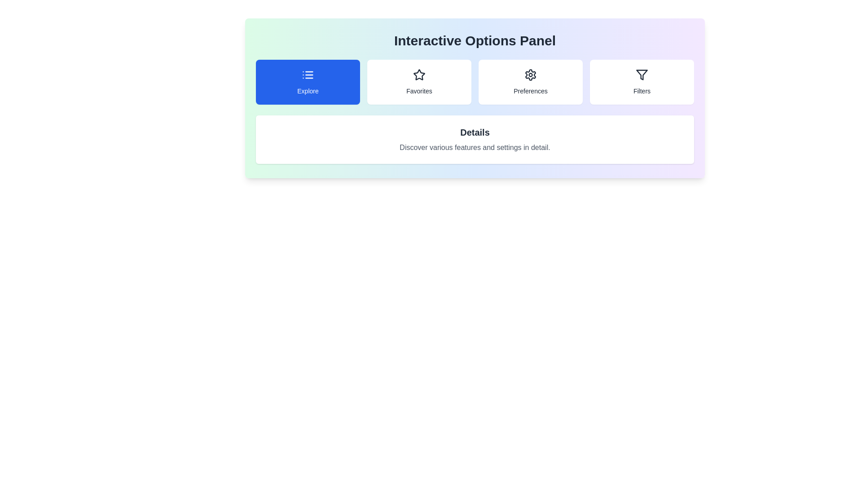  I want to click on the title or heading element that provides additional details, located above the descriptive text 'Discover various features and settings in detail.', so click(474, 132).